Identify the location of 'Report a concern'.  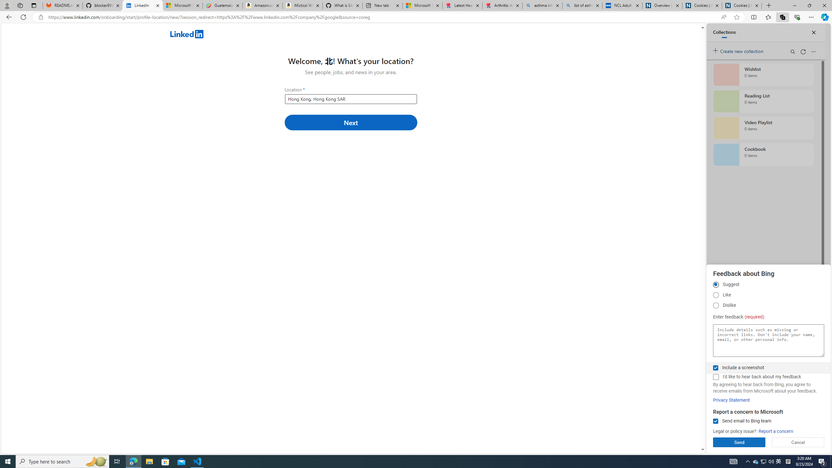
(776, 431).